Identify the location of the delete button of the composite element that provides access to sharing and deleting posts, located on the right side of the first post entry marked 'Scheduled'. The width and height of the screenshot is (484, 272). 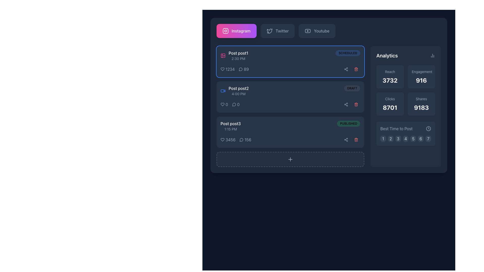
(351, 69).